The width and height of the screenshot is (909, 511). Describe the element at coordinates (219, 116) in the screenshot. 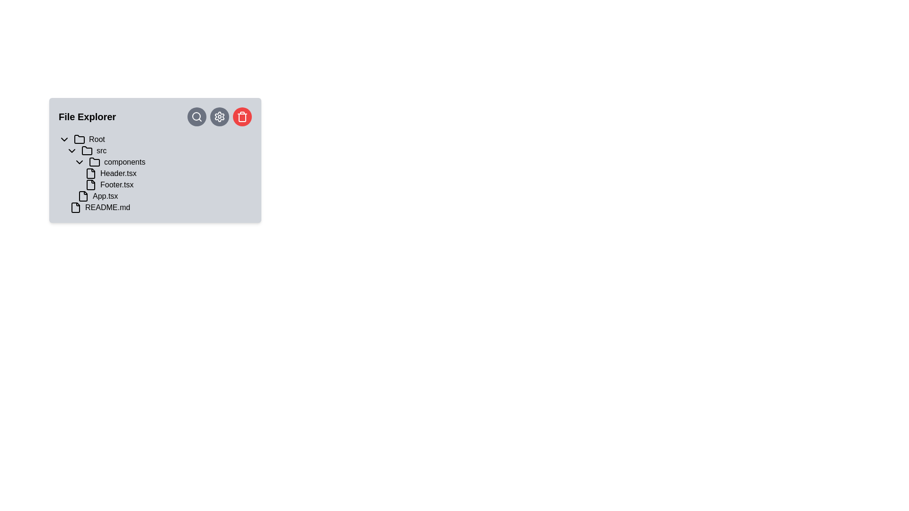

I see `the circular settings button with a gear icon located` at that location.